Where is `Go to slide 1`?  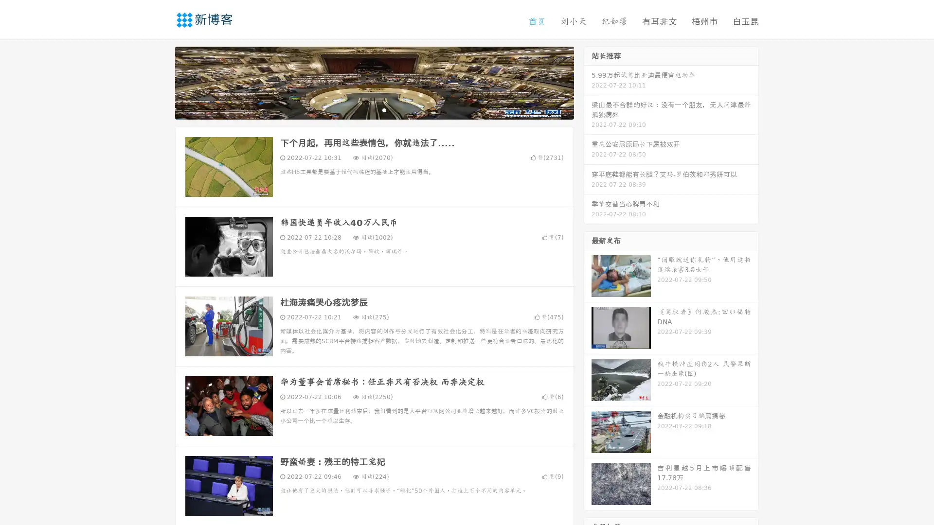
Go to slide 1 is located at coordinates (364, 109).